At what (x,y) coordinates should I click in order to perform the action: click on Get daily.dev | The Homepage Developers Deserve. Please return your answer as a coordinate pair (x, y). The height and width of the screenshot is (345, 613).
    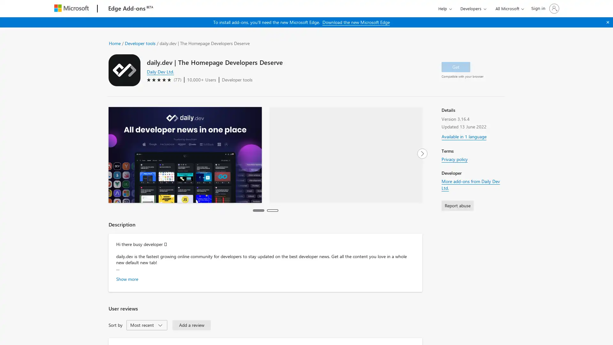
    Looking at the image, I should click on (456, 66).